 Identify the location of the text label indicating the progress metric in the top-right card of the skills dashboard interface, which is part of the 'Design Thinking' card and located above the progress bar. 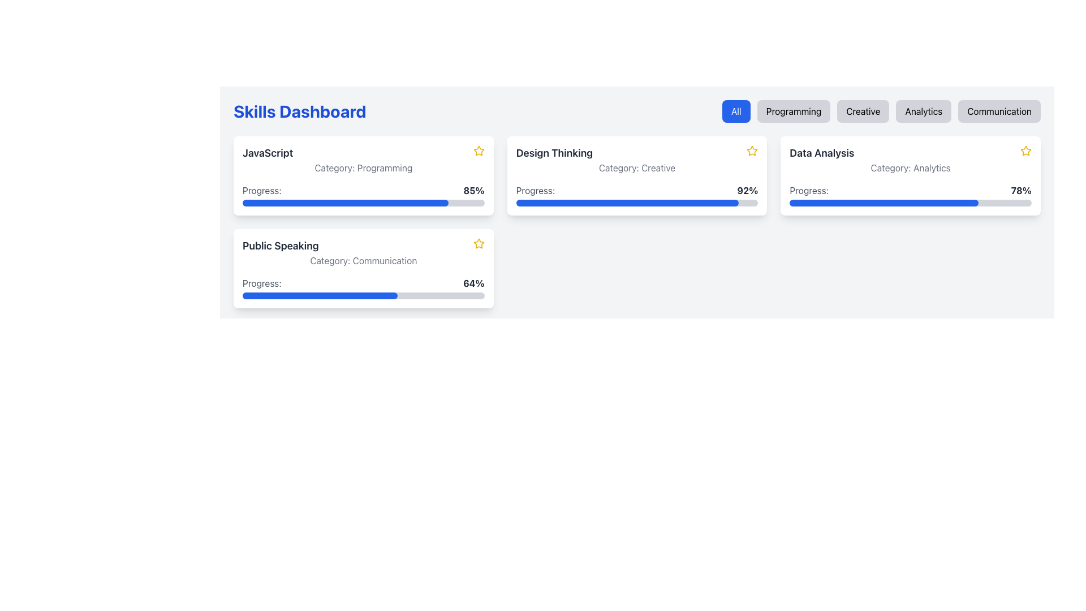
(535, 190).